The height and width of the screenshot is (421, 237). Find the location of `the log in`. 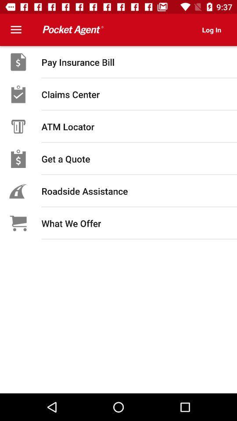

the log in is located at coordinates (211, 30).